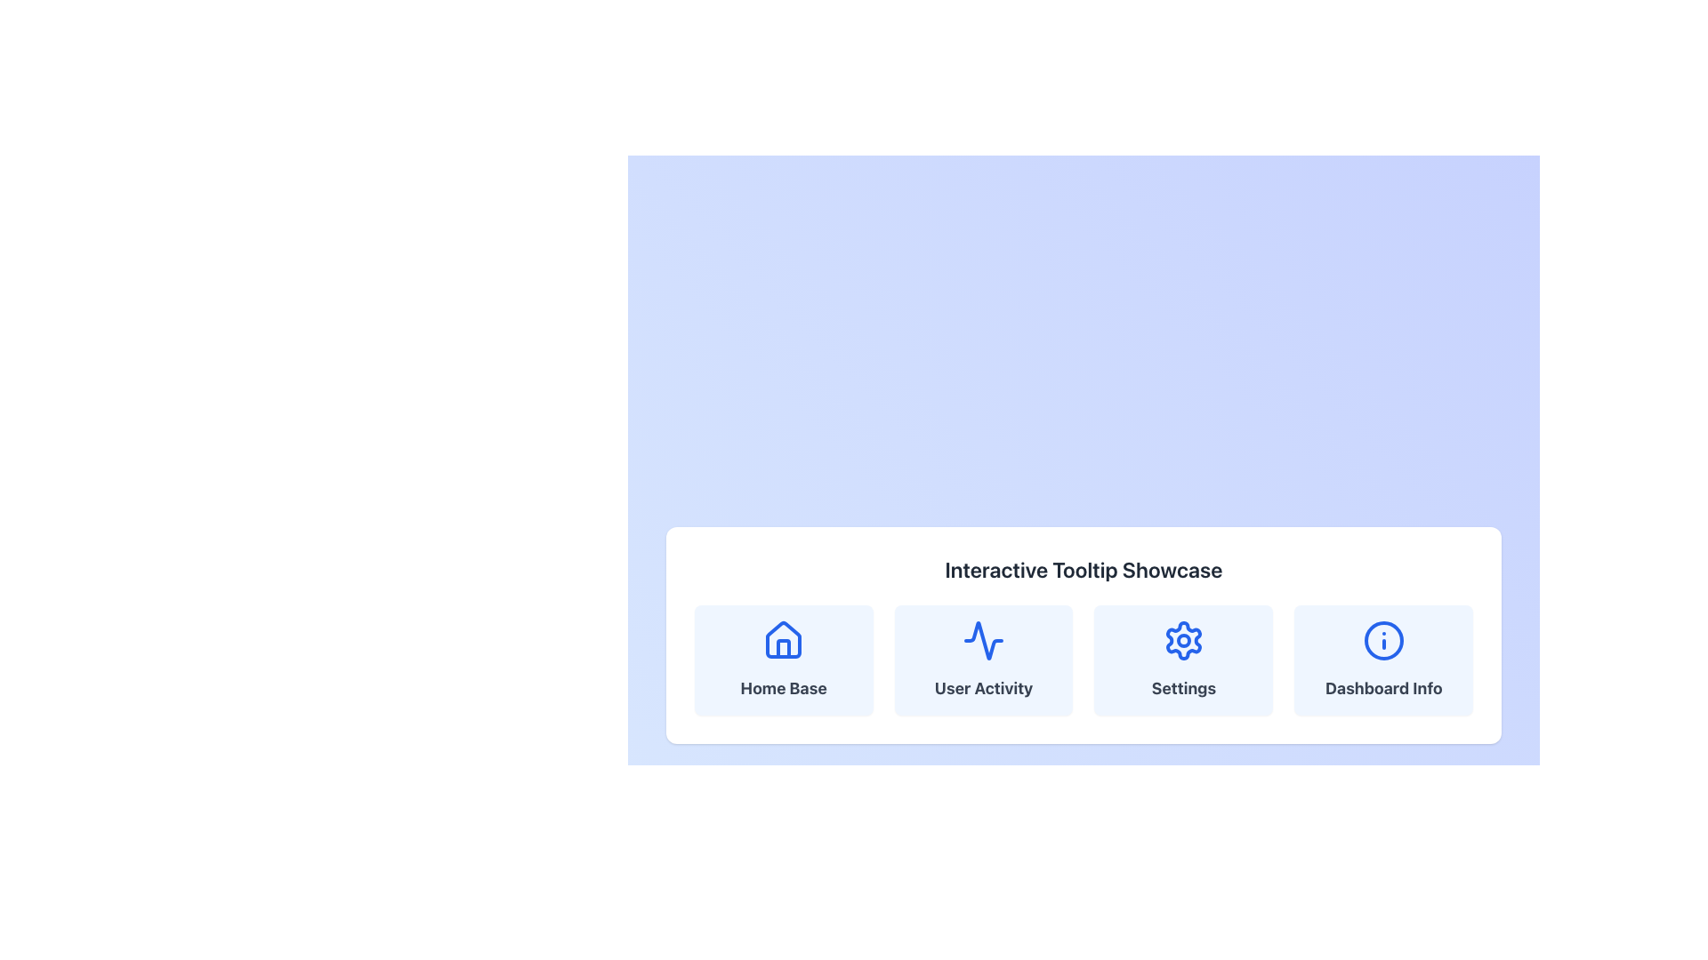 The image size is (1708, 960). What do you see at coordinates (1183, 641) in the screenshot?
I see `the gear icon within the settings button, which is a vibrant blue cogwheel design located in a white rounded square button` at bounding box center [1183, 641].